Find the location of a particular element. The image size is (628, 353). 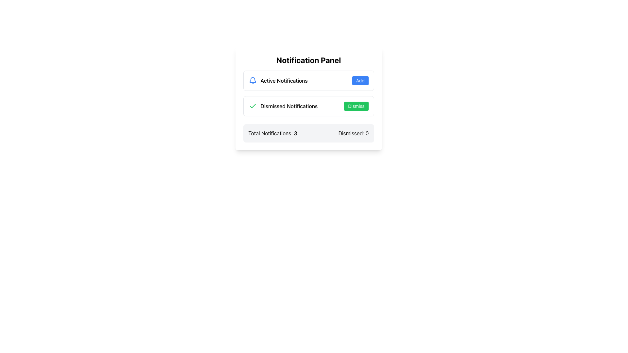

the green checkmark icon located to the left of the 'Dismissed Notifications' text and the green 'Dismiss' button is located at coordinates (252, 106).